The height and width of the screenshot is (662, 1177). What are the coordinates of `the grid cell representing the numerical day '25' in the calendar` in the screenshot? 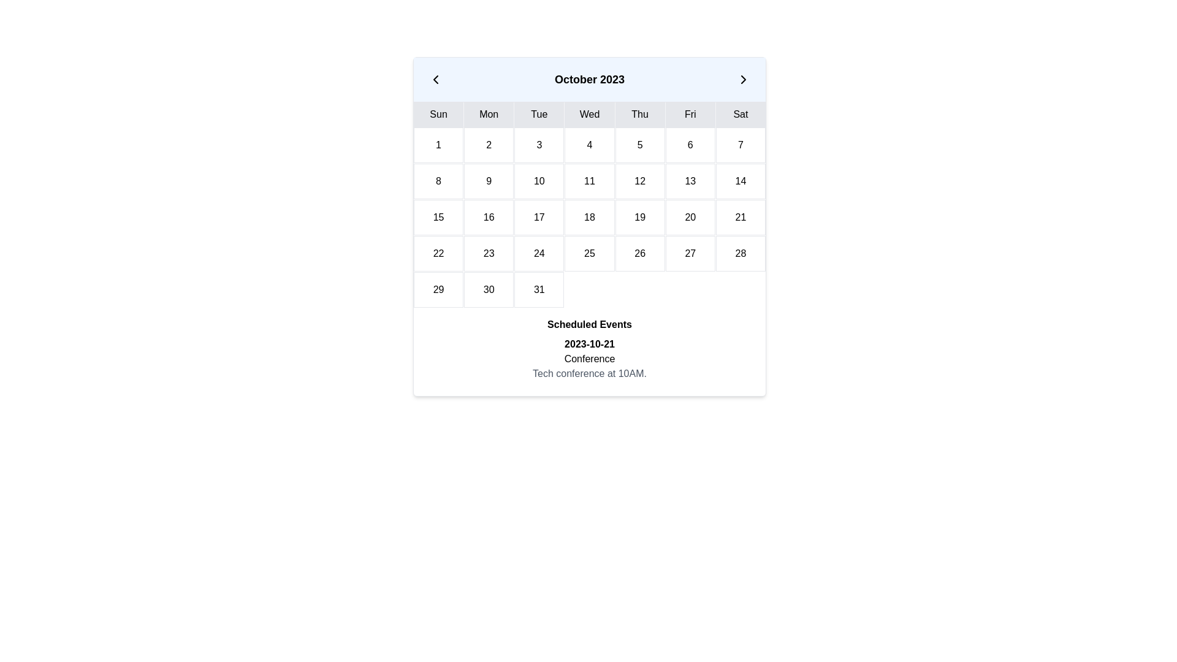 It's located at (589, 253).